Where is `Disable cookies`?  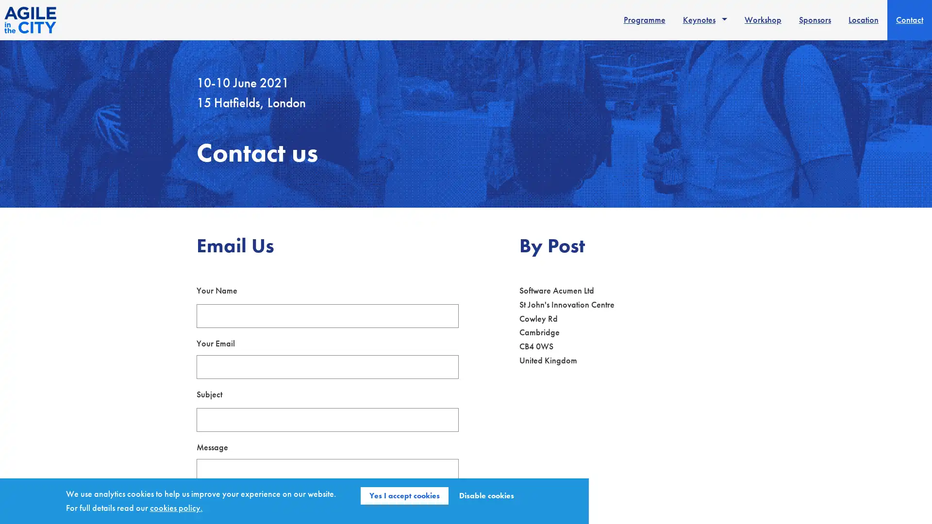 Disable cookies is located at coordinates (486, 496).